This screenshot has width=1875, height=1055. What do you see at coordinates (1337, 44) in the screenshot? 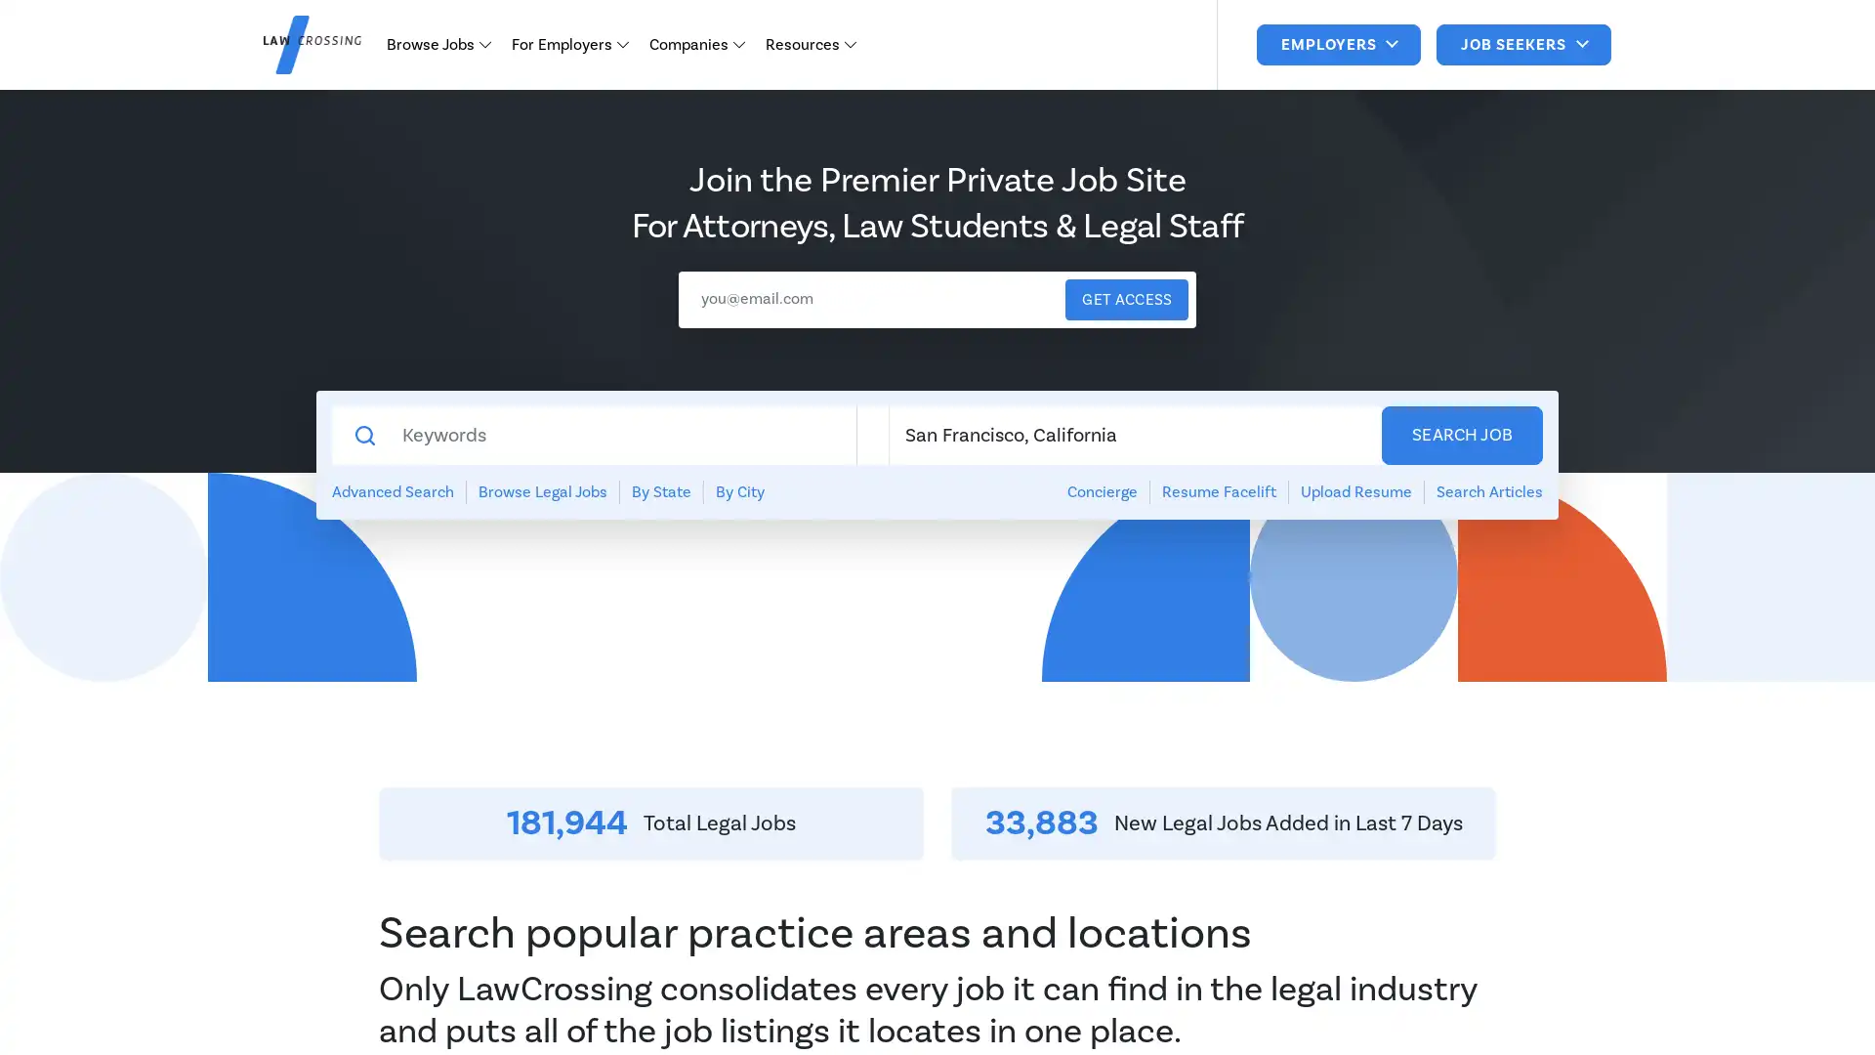
I see `EMPLOYERS` at bounding box center [1337, 44].